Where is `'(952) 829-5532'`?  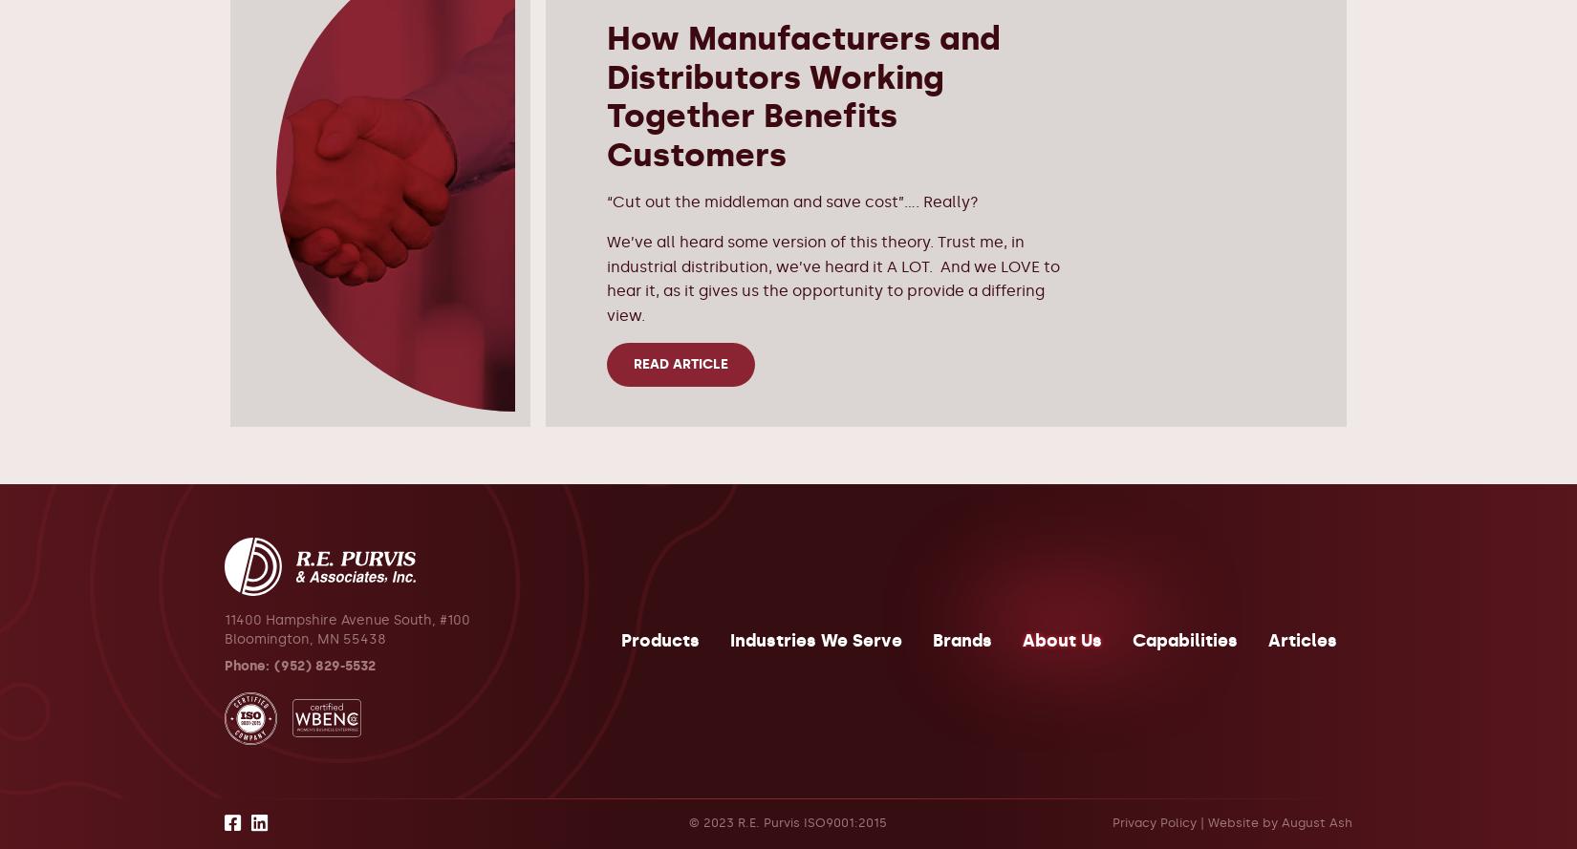
'(952) 829-5532' is located at coordinates (273, 666).